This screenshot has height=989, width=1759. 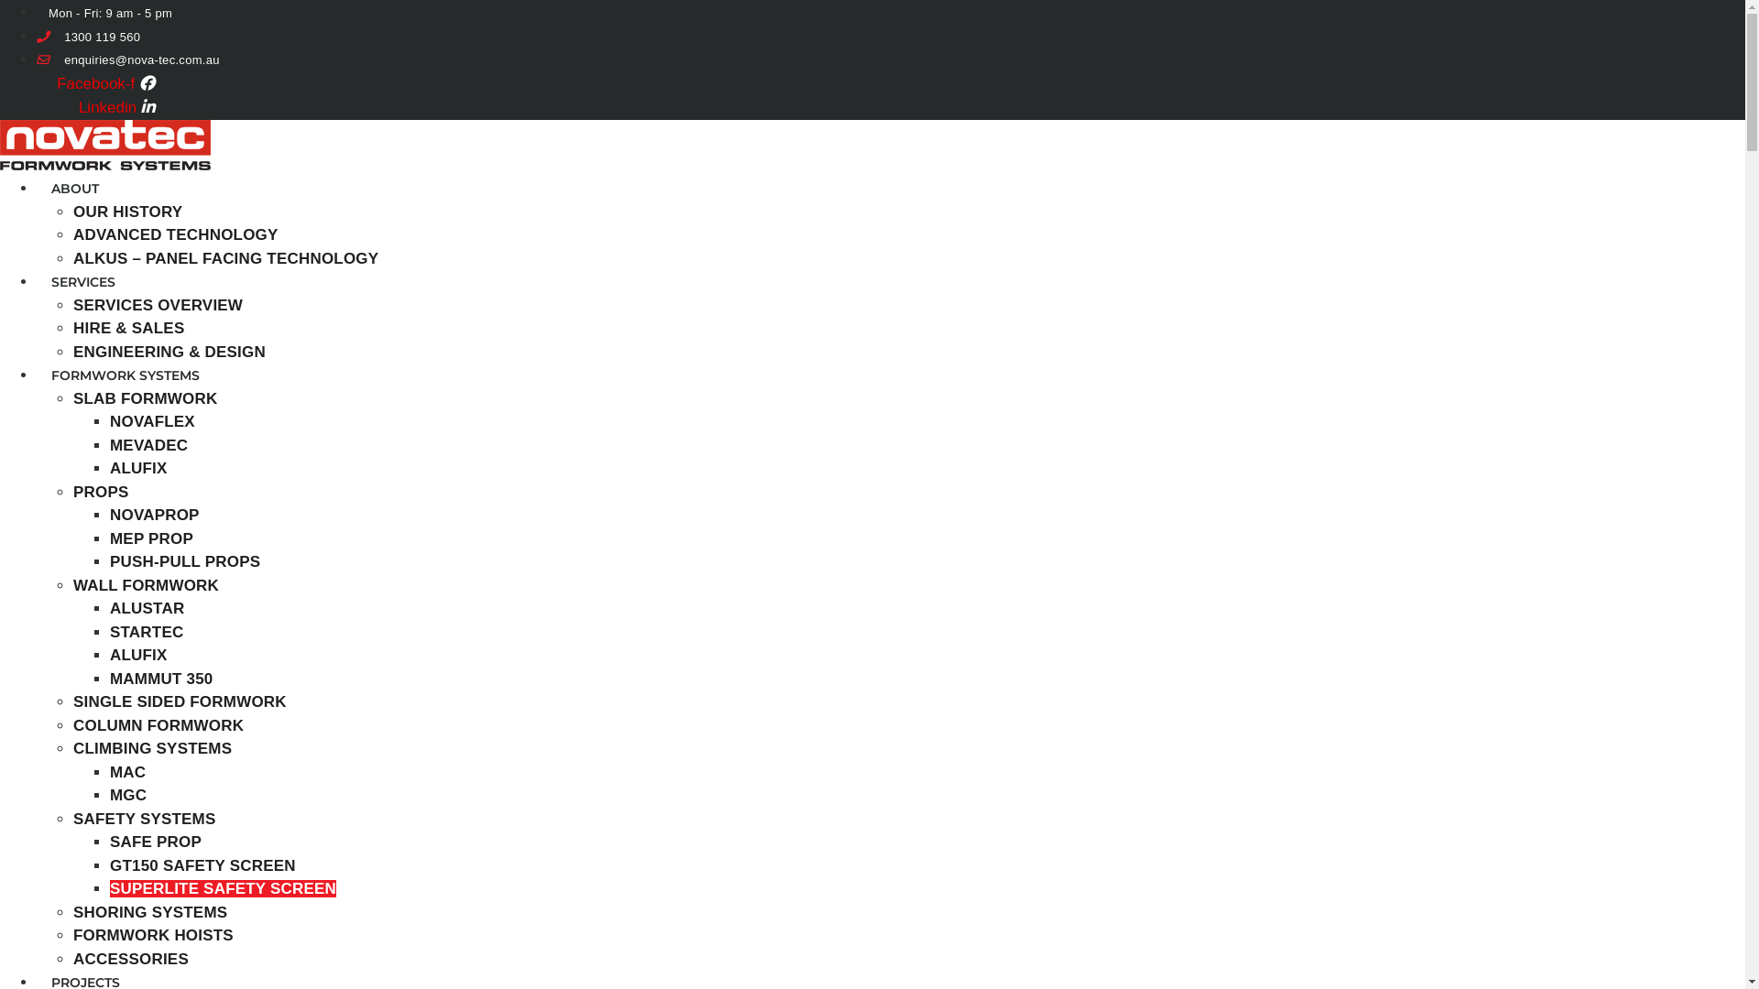 I want to click on 'FORMWORK HOISTS', so click(x=153, y=935).